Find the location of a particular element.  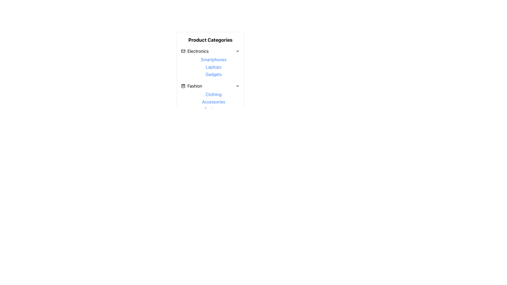

the SVG Rectangle that represents the mail icon for the 'Electronics' category, located next to the text label 'Electronics' in the sidebar is located at coordinates (183, 51).